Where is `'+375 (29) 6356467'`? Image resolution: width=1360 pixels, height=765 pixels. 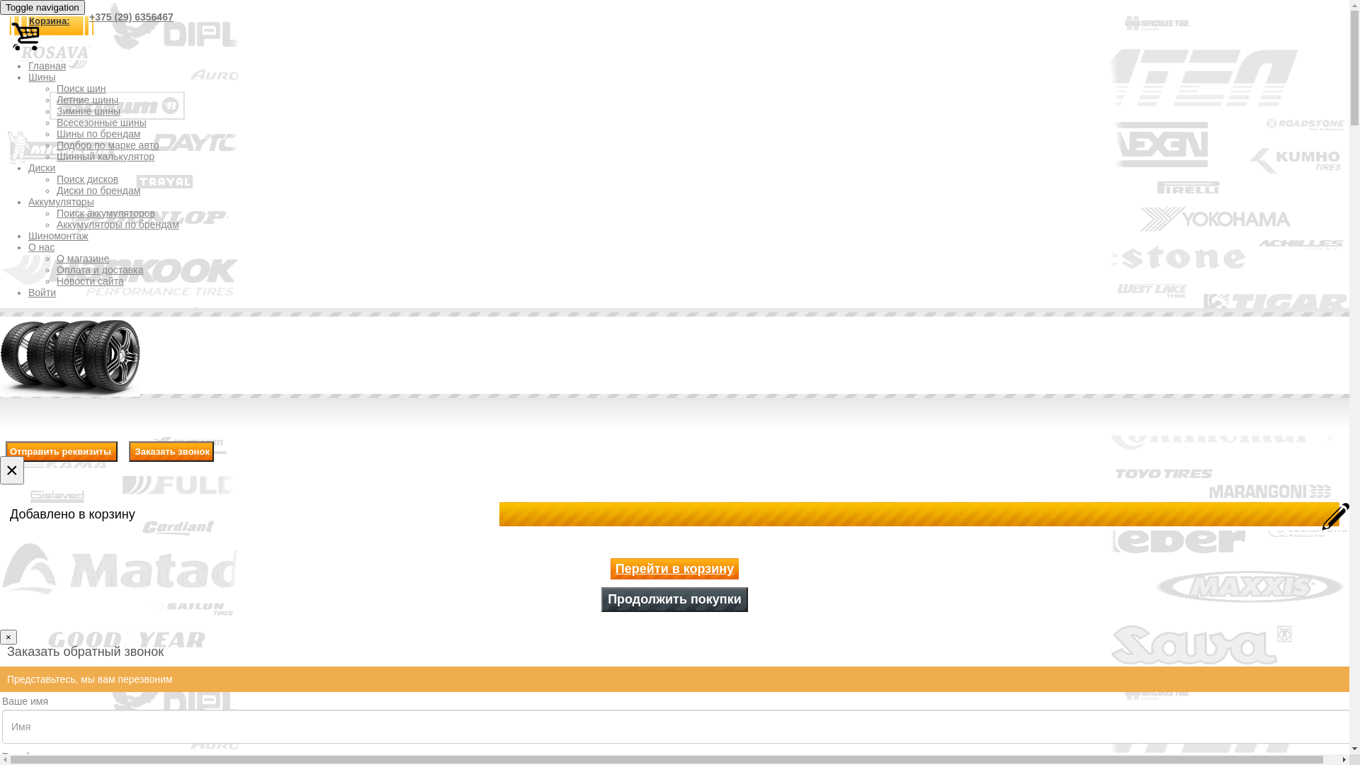
'+375 (29) 6356467' is located at coordinates (131, 16).